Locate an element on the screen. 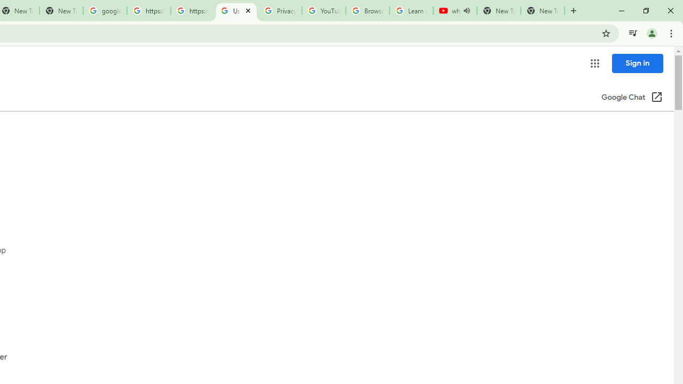 Image resolution: width=683 pixels, height=384 pixels. 'https://scholar.google.com/' is located at coordinates (192, 11).